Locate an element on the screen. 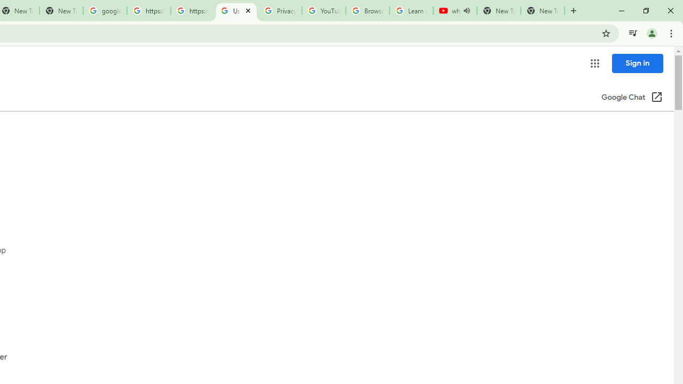 Image resolution: width=683 pixels, height=384 pixels. 'https://scholar.google.com/' is located at coordinates (192, 11).